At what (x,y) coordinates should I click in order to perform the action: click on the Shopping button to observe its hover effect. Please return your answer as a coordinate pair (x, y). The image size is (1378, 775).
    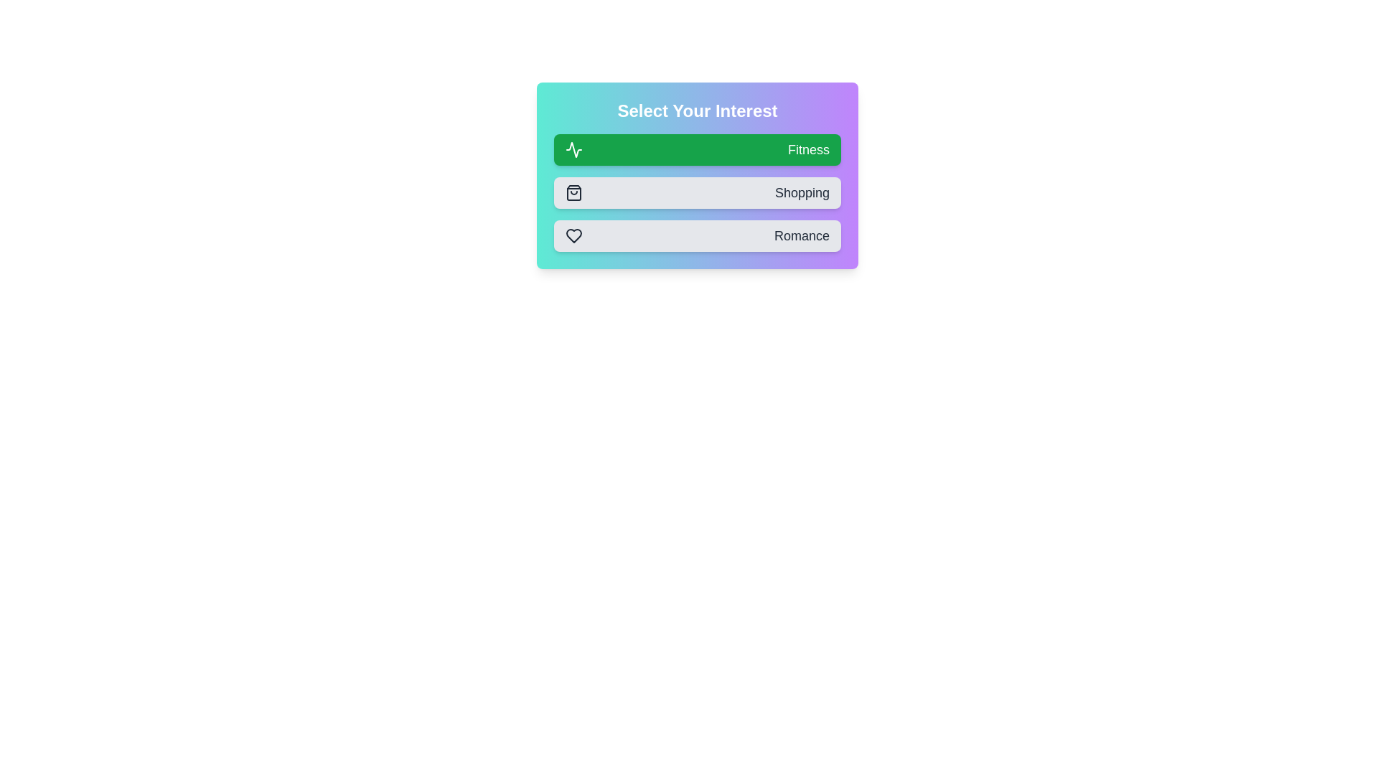
    Looking at the image, I should click on (697, 192).